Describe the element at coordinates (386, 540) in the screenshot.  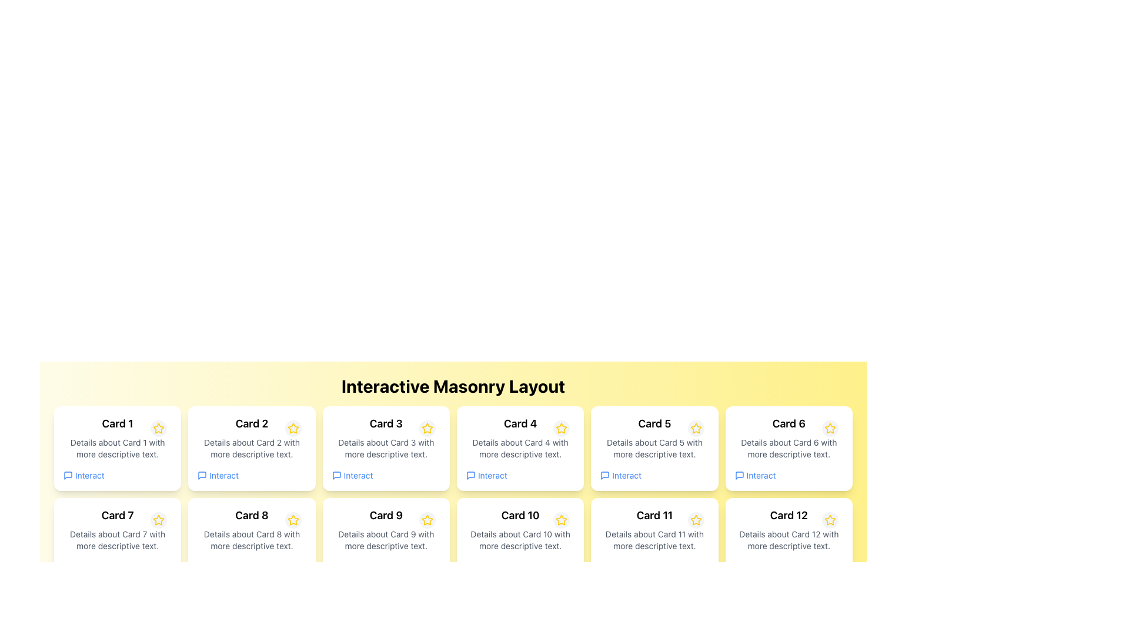
I see `the text paragraph within 'Card 9' that contains 'Details about Card 9 with more descriptive text.'` at that location.